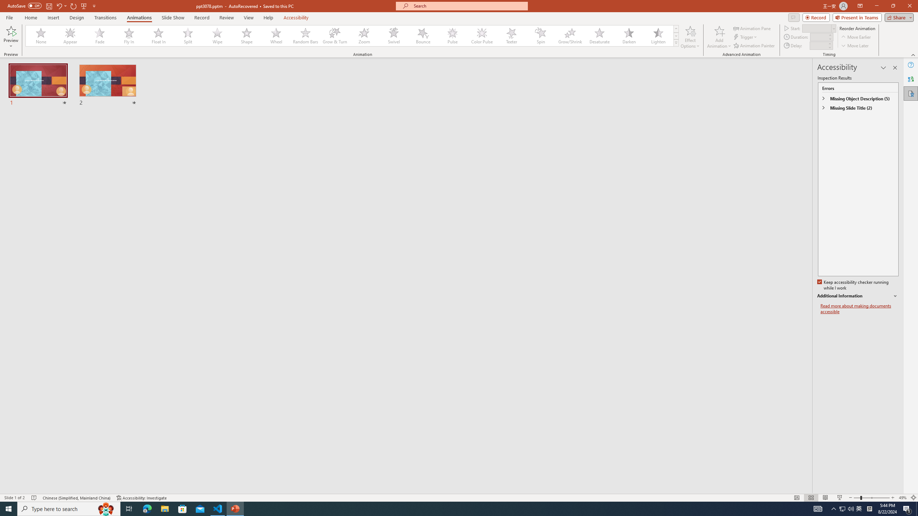 The image size is (918, 516). I want to click on 'Bounce', so click(423, 35).